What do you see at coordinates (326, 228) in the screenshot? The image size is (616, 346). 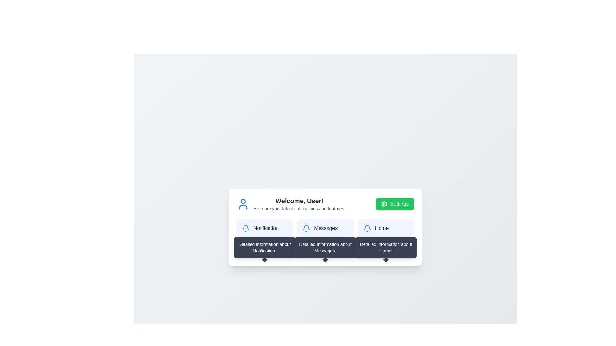 I see `the static text label displaying 'Messages' which is centrally located between 'Notification' and 'Home' in a horizontal group of options` at bounding box center [326, 228].